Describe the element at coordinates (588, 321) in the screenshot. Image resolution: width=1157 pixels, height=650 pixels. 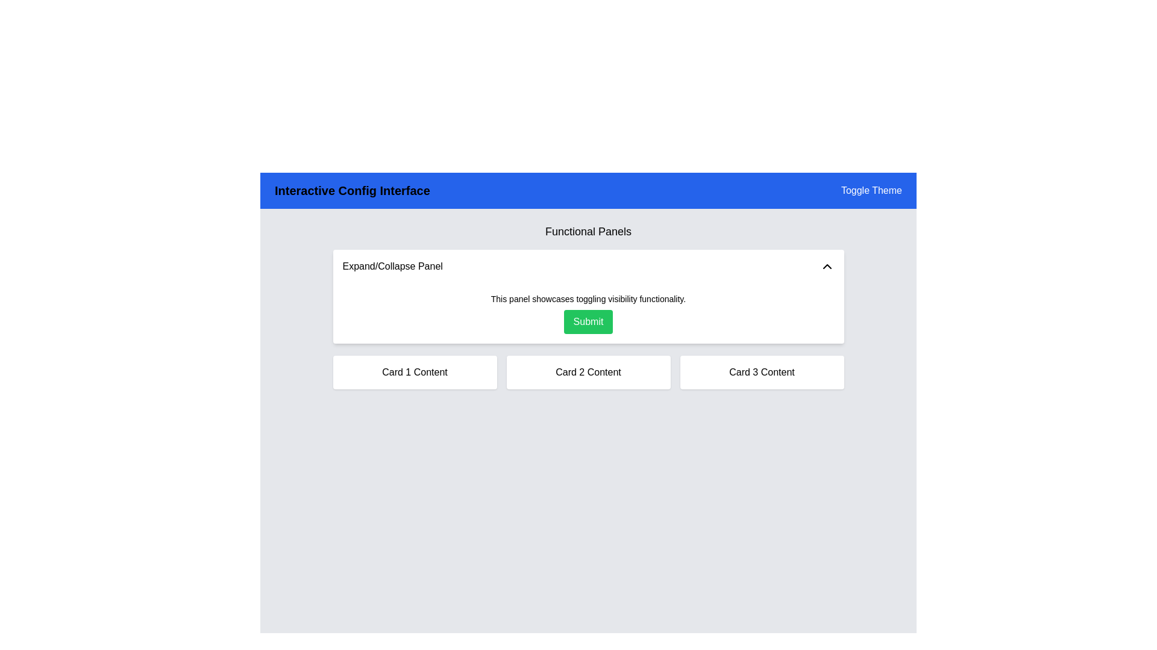
I see `the 'Submit' button with bold white text on a bright green background, located in the panel below the text 'This panel showcases toggling visibility functionality.'` at that location.